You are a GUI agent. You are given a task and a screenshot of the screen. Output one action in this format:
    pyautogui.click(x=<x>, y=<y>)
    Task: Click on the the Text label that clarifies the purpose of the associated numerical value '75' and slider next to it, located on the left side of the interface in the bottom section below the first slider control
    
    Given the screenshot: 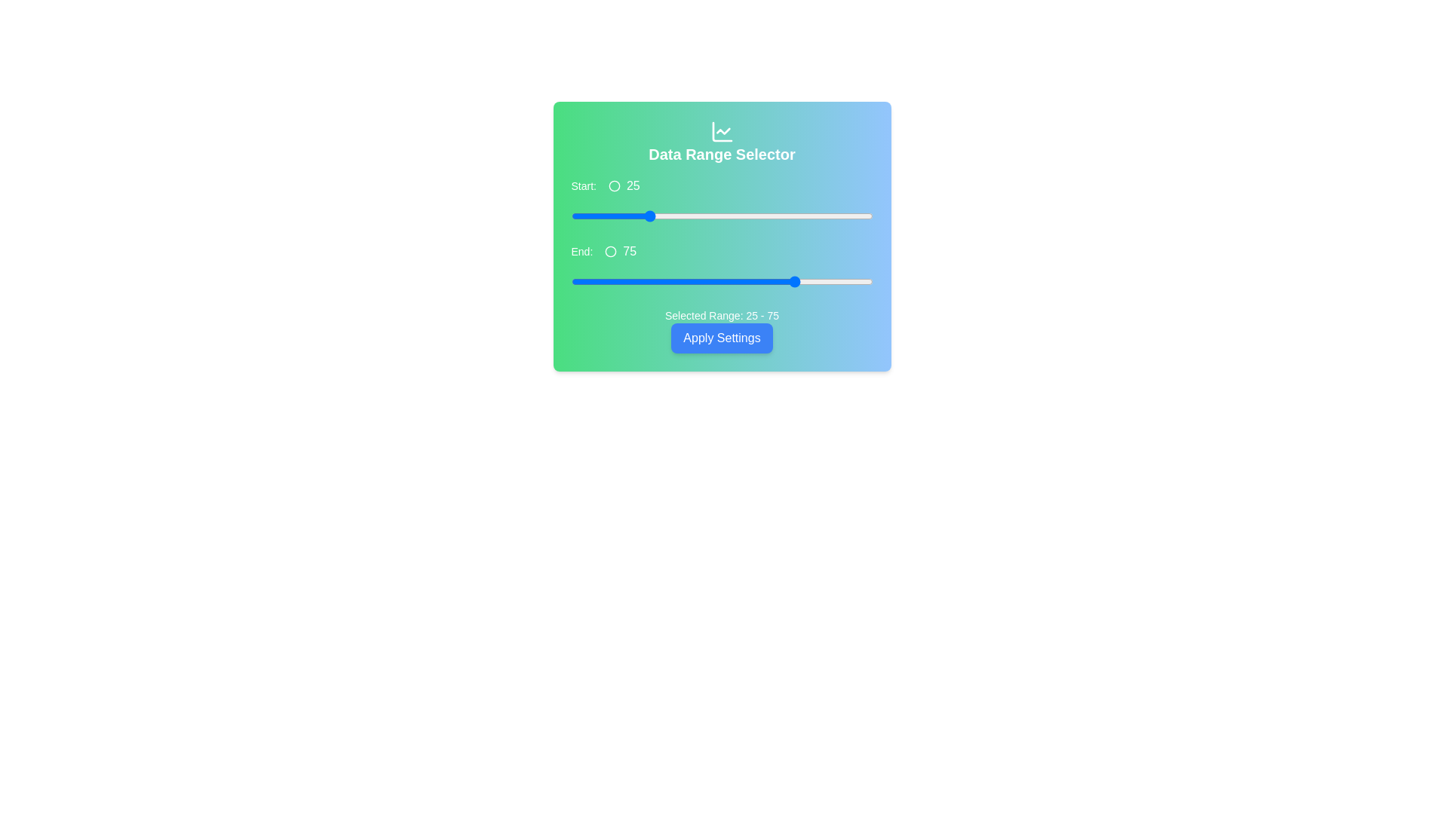 What is the action you would take?
    pyautogui.click(x=581, y=251)
    